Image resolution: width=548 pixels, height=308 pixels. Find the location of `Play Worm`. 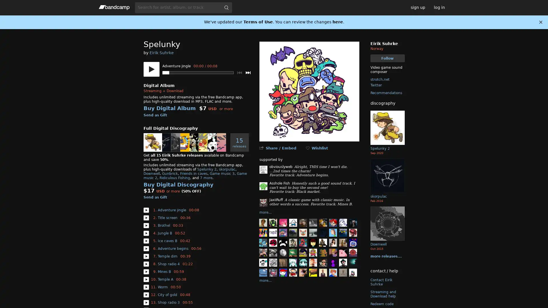

Play Worm is located at coordinates (146, 287).